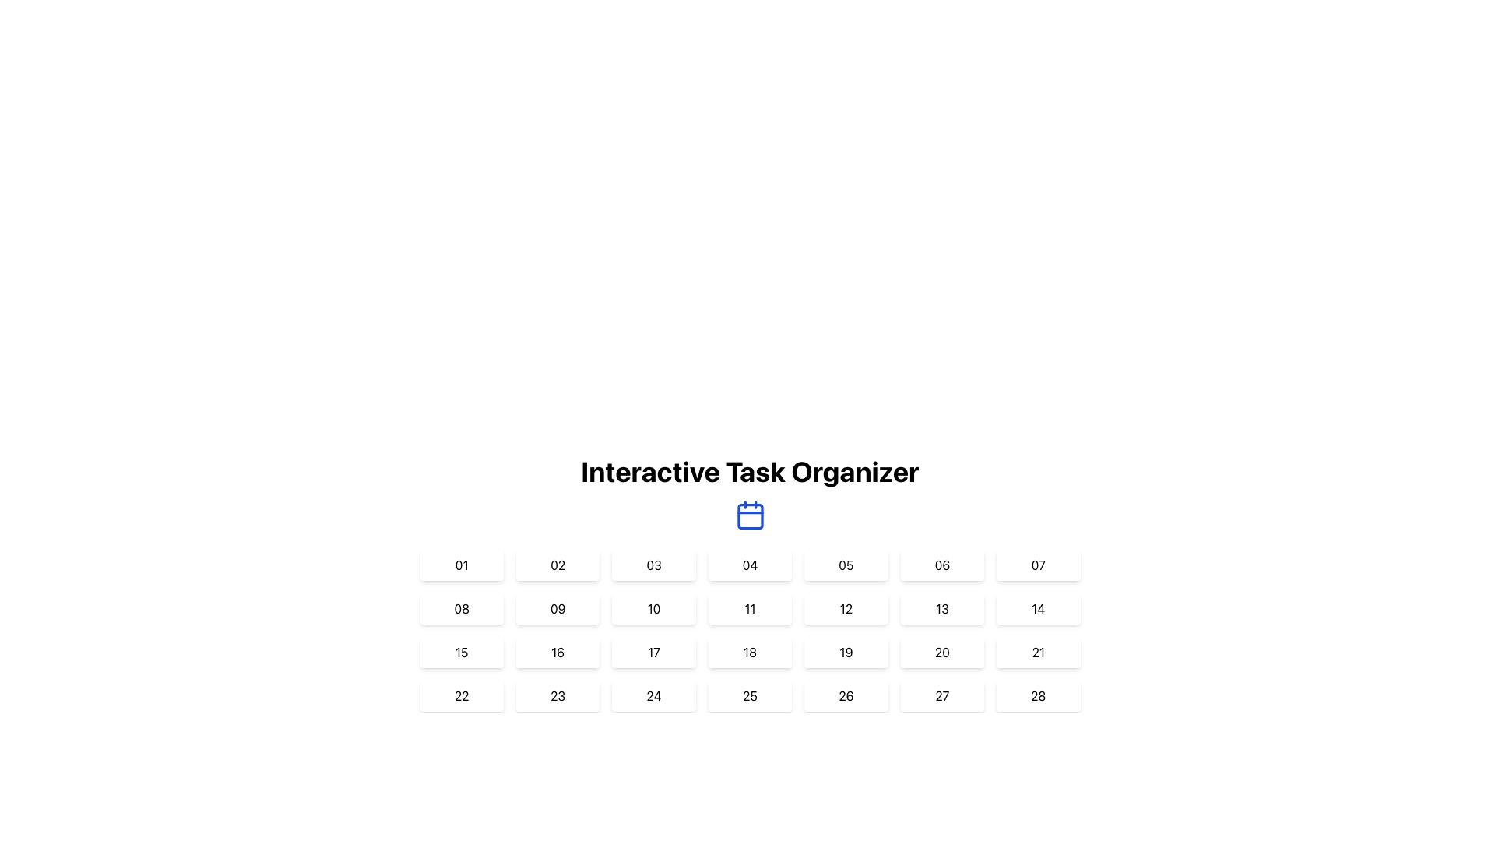 This screenshot has height=841, width=1495. I want to click on the button labeled '07' with a light gray background and shadowed appearance, so click(1038, 565).